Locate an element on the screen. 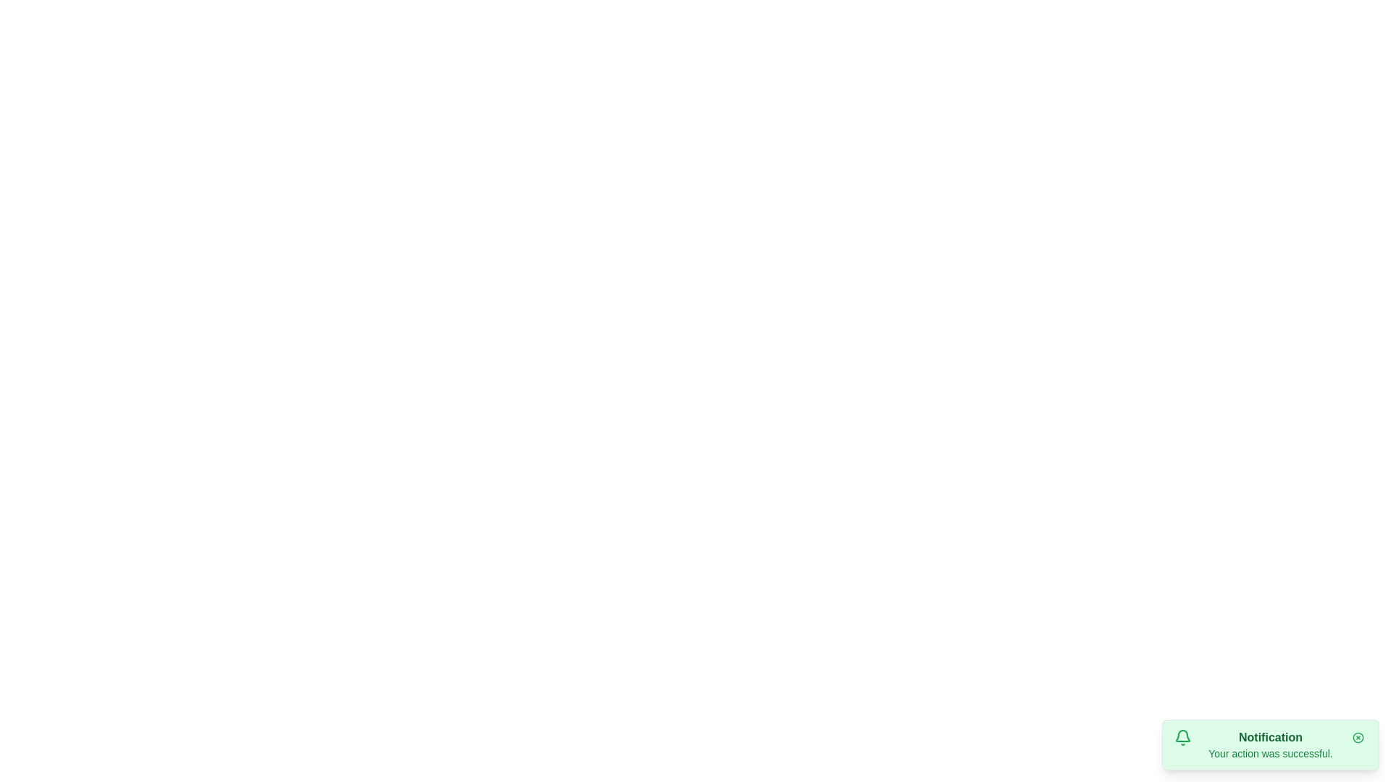  the notification icon to interact with it is located at coordinates (1182, 737).